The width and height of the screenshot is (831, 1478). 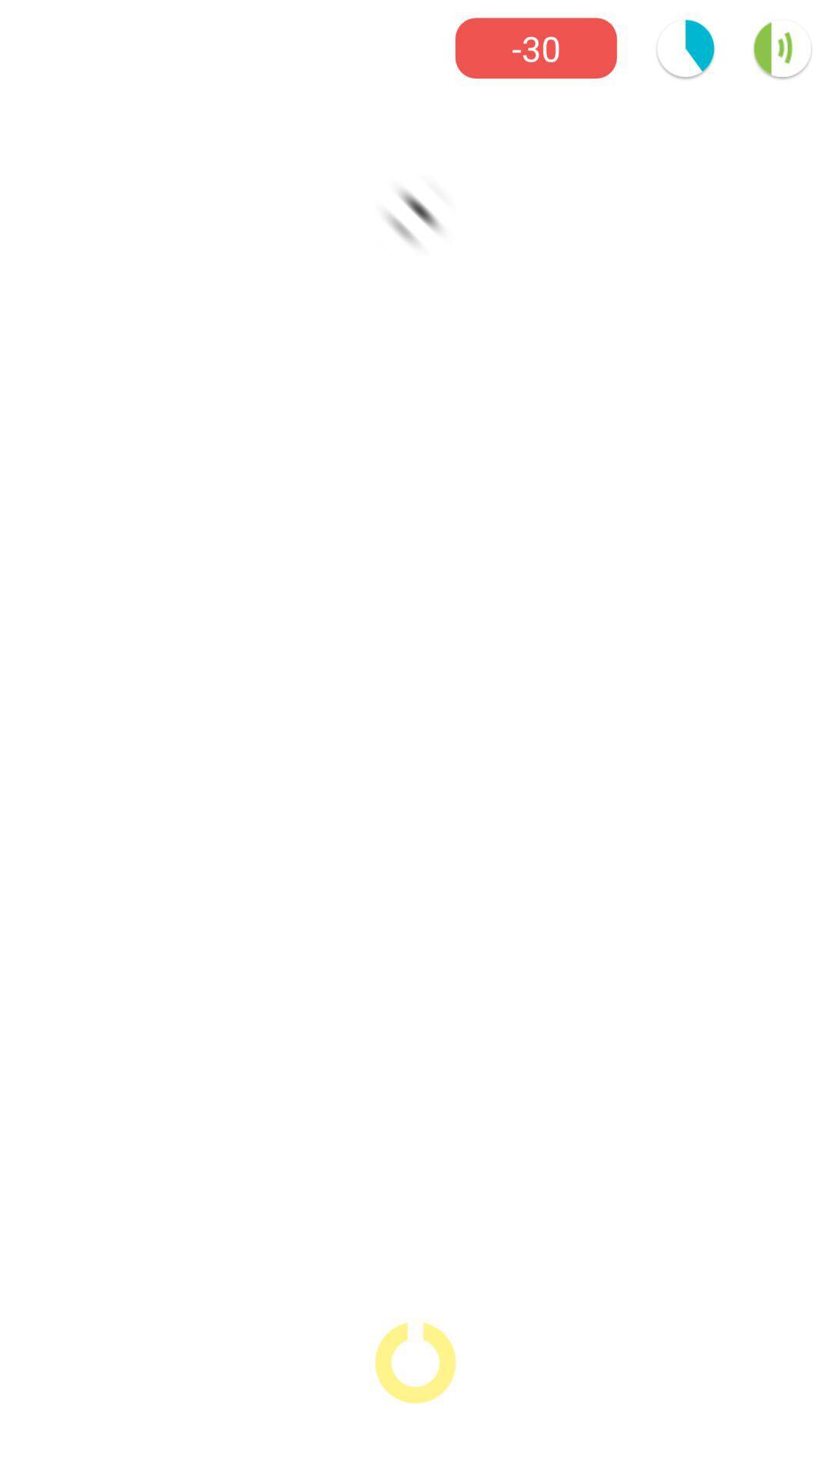 What do you see at coordinates (415, 214) in the screenshot?
I see `the navigation icon` at bounding box center [415, 214].